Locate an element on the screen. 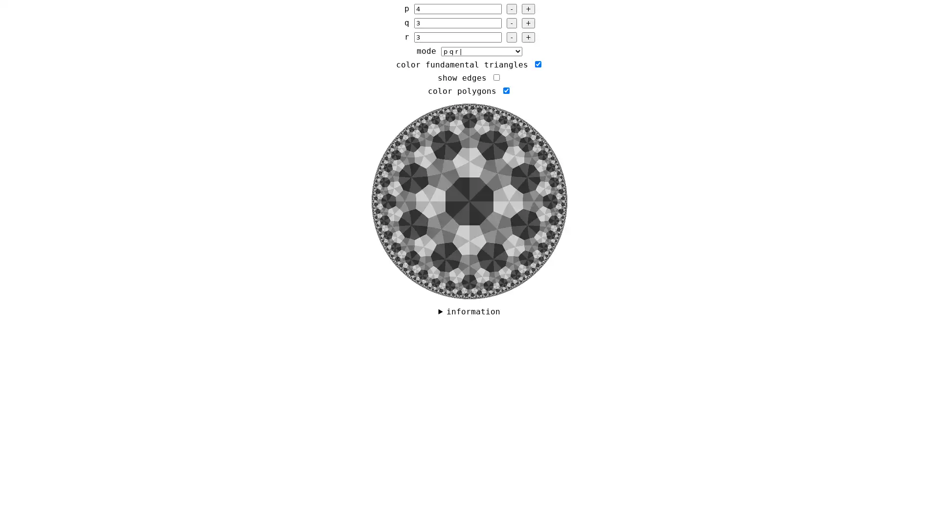 The width and height of the screenshot is (939, 528). - is located at coordinates (511, 37).